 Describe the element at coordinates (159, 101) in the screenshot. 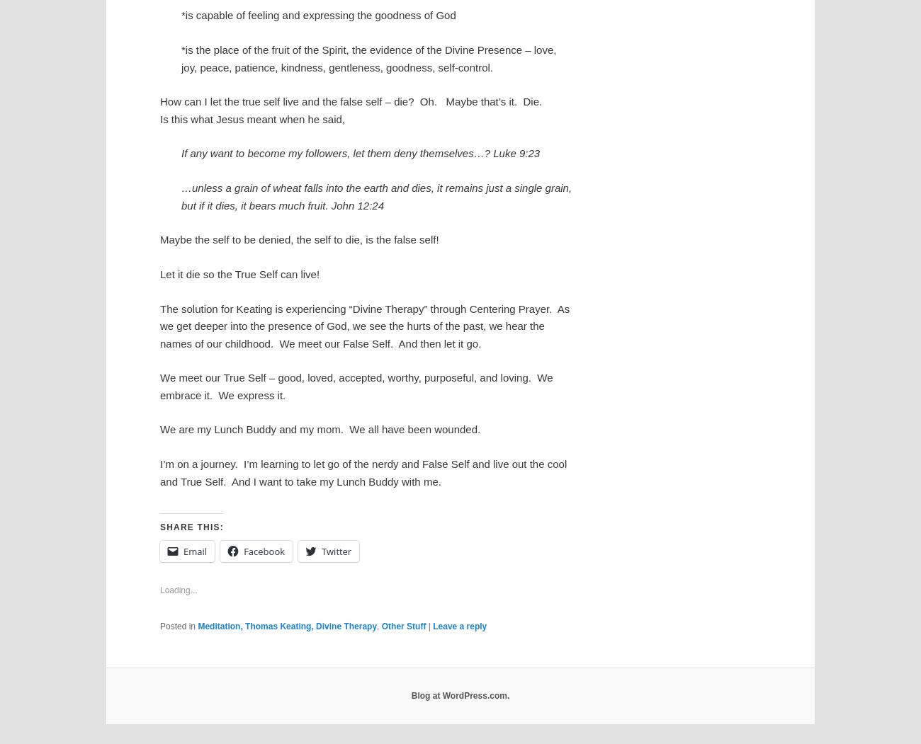

I see `'How can I let the true self live and the false self – die?  Oh.   Maybe that’s it.  Die.'` at that location.